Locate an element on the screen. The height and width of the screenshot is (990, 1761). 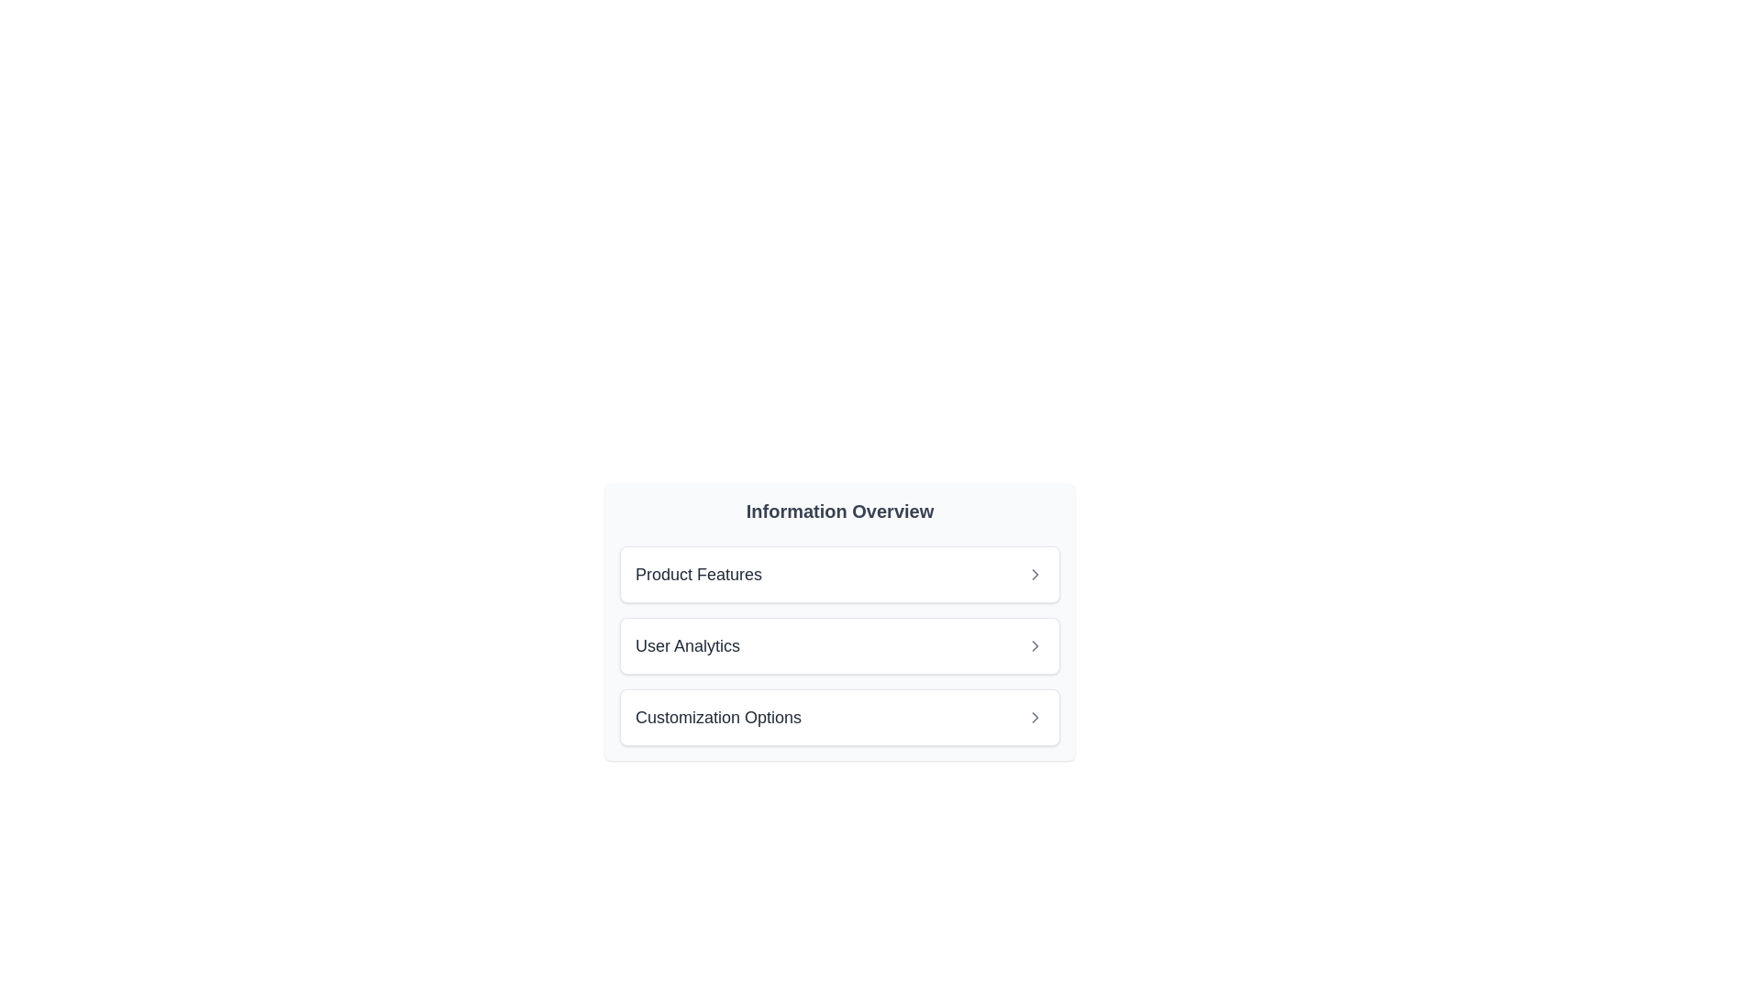
the chevron icon located to the right of the 'Product Features' text is located at coordinates (1035, 574).